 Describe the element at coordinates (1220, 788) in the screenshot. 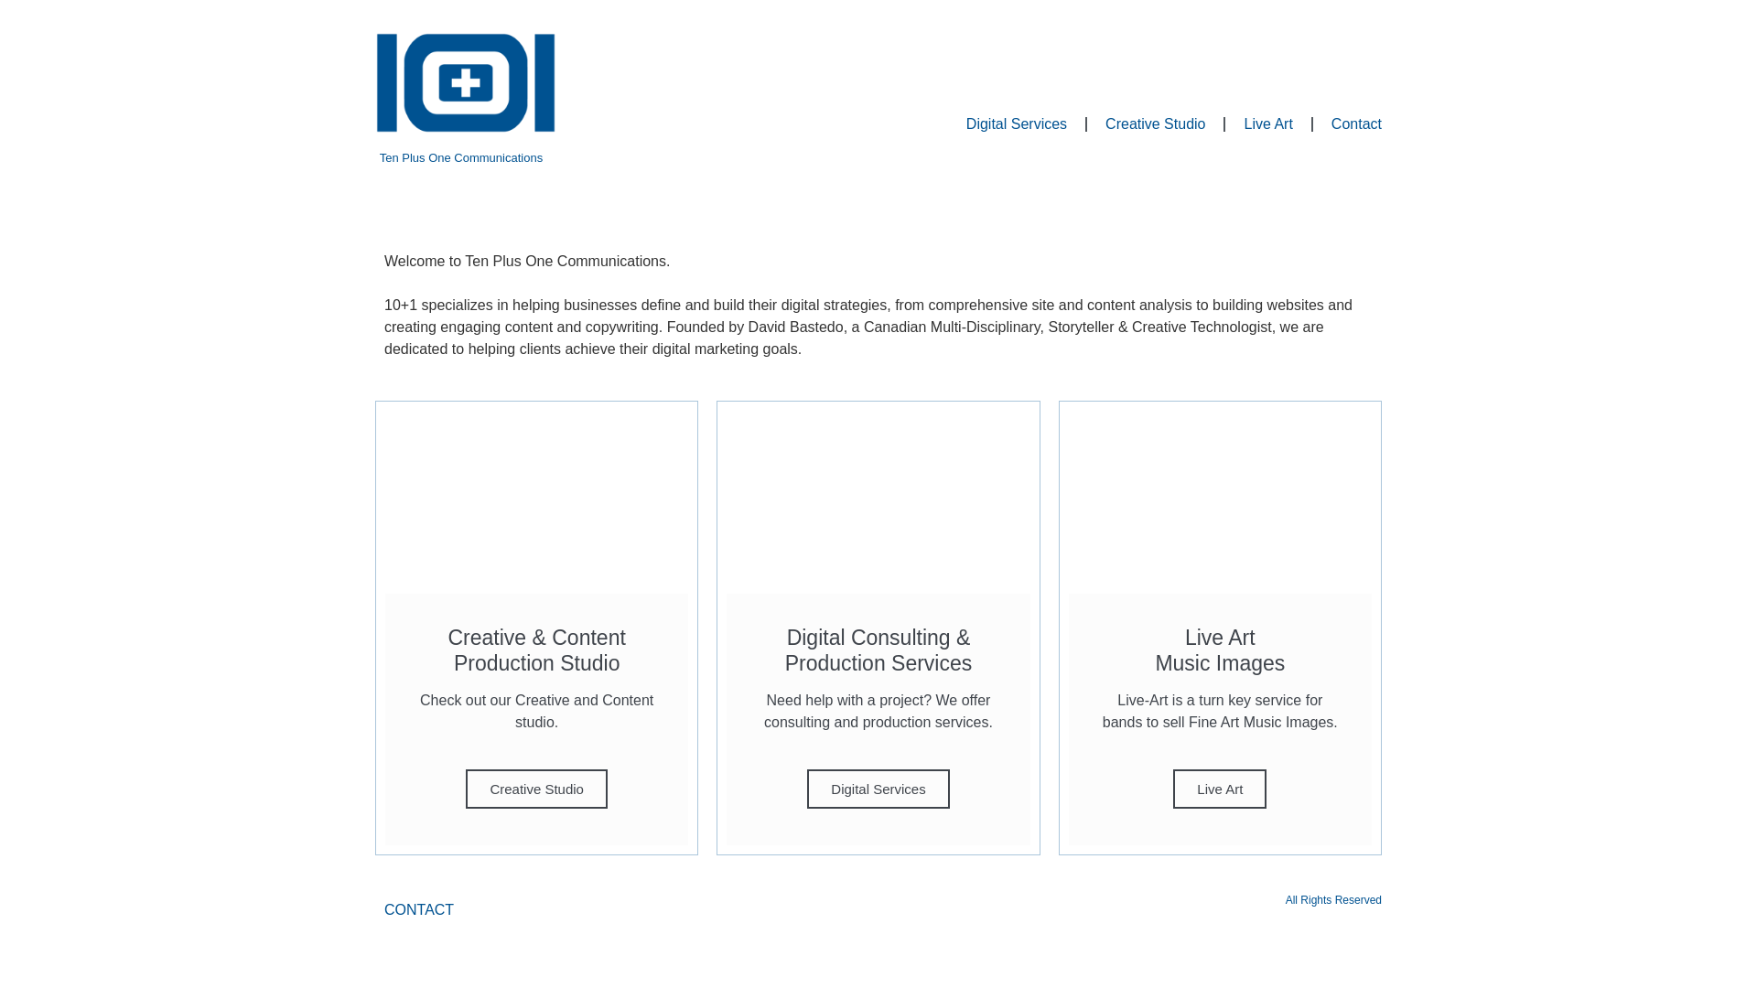

I see `'Live Art'` at that location.